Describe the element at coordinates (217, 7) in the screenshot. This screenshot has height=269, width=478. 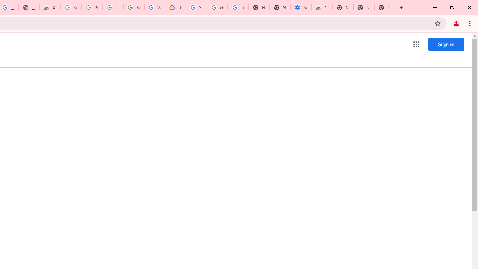
I see `'Google Account Help'` at that location.